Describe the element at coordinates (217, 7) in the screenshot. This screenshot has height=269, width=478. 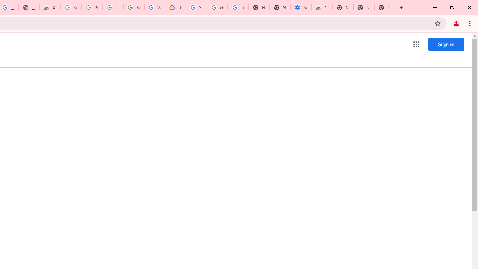
I see `'Google Account Help'` at that location.